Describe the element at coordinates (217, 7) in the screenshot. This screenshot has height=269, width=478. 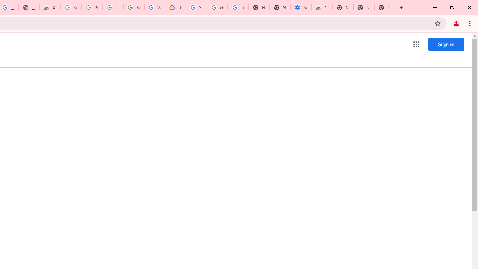
I see `'Google Account Help'` at that location.